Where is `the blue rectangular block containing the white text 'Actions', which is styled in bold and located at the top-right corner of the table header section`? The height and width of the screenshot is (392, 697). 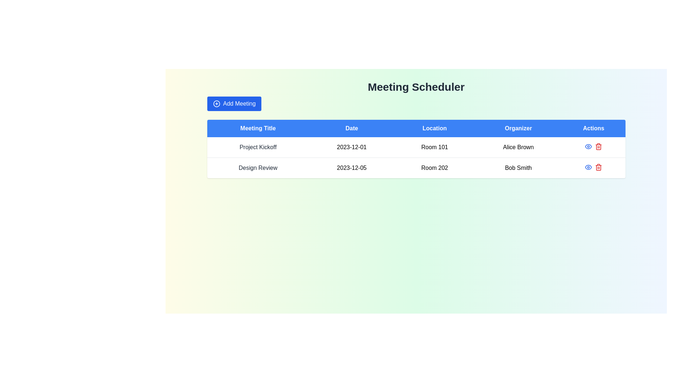 the blue rectangular block containing the white text 'Actions', which is styled in bold and located at the top-right corner of the table header section is located at coordinates (594, 128).